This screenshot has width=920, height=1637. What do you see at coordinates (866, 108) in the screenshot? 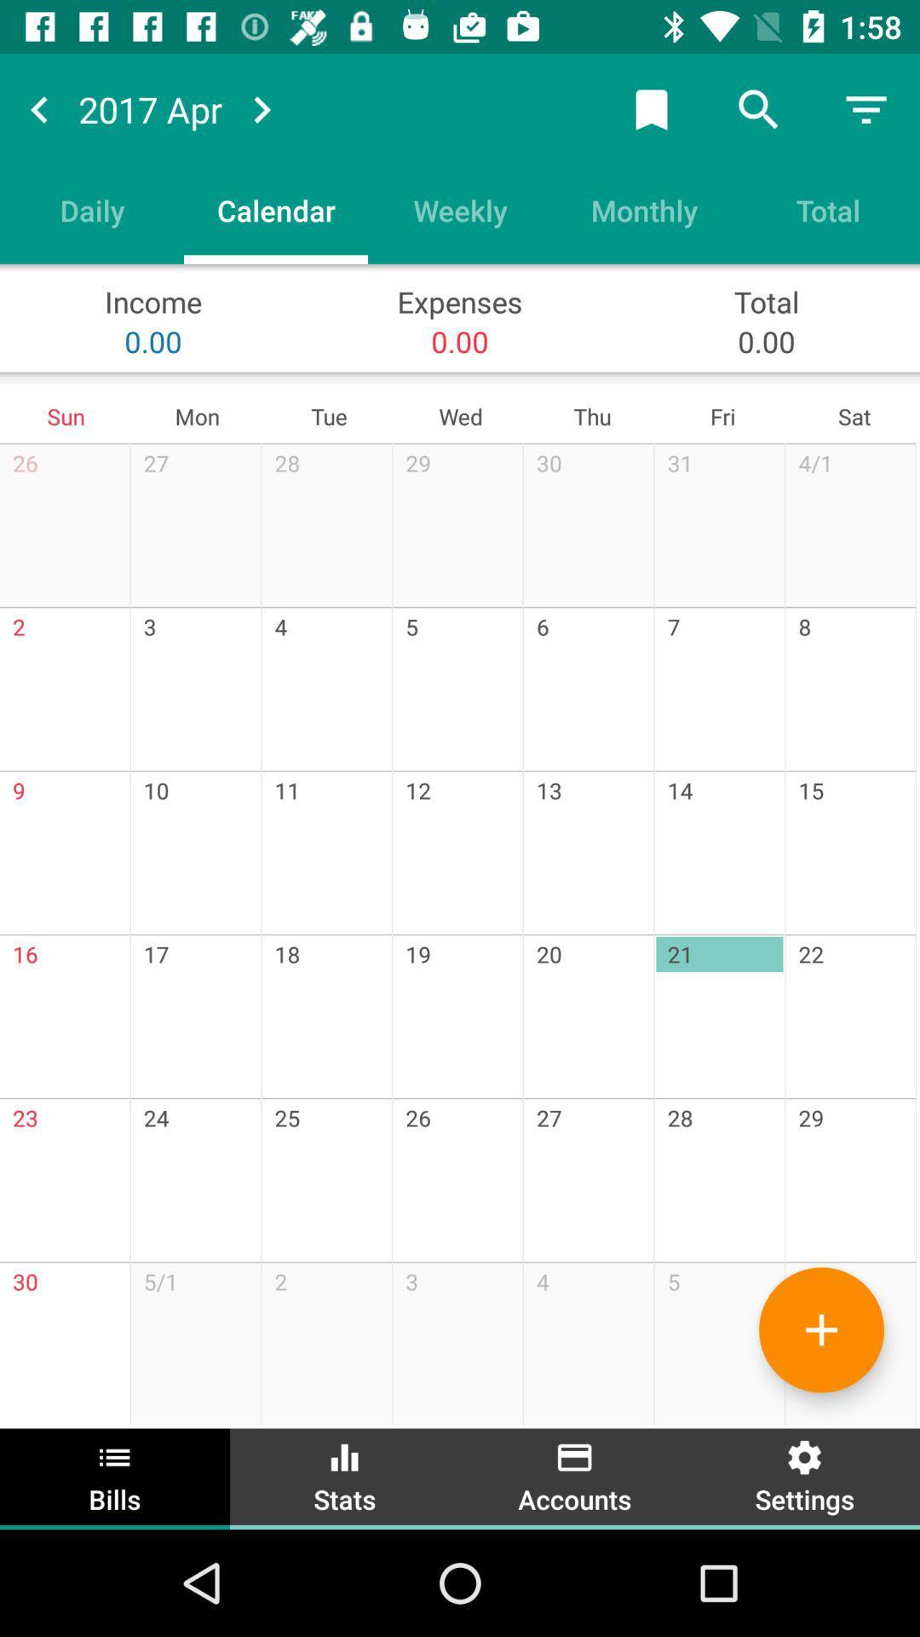
I see `menu option` at bounding box center [866, 108].